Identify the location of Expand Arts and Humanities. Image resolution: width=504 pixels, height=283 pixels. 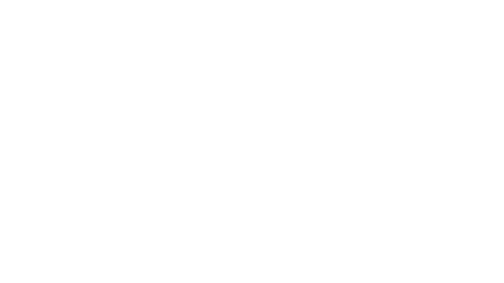
(59, 234).